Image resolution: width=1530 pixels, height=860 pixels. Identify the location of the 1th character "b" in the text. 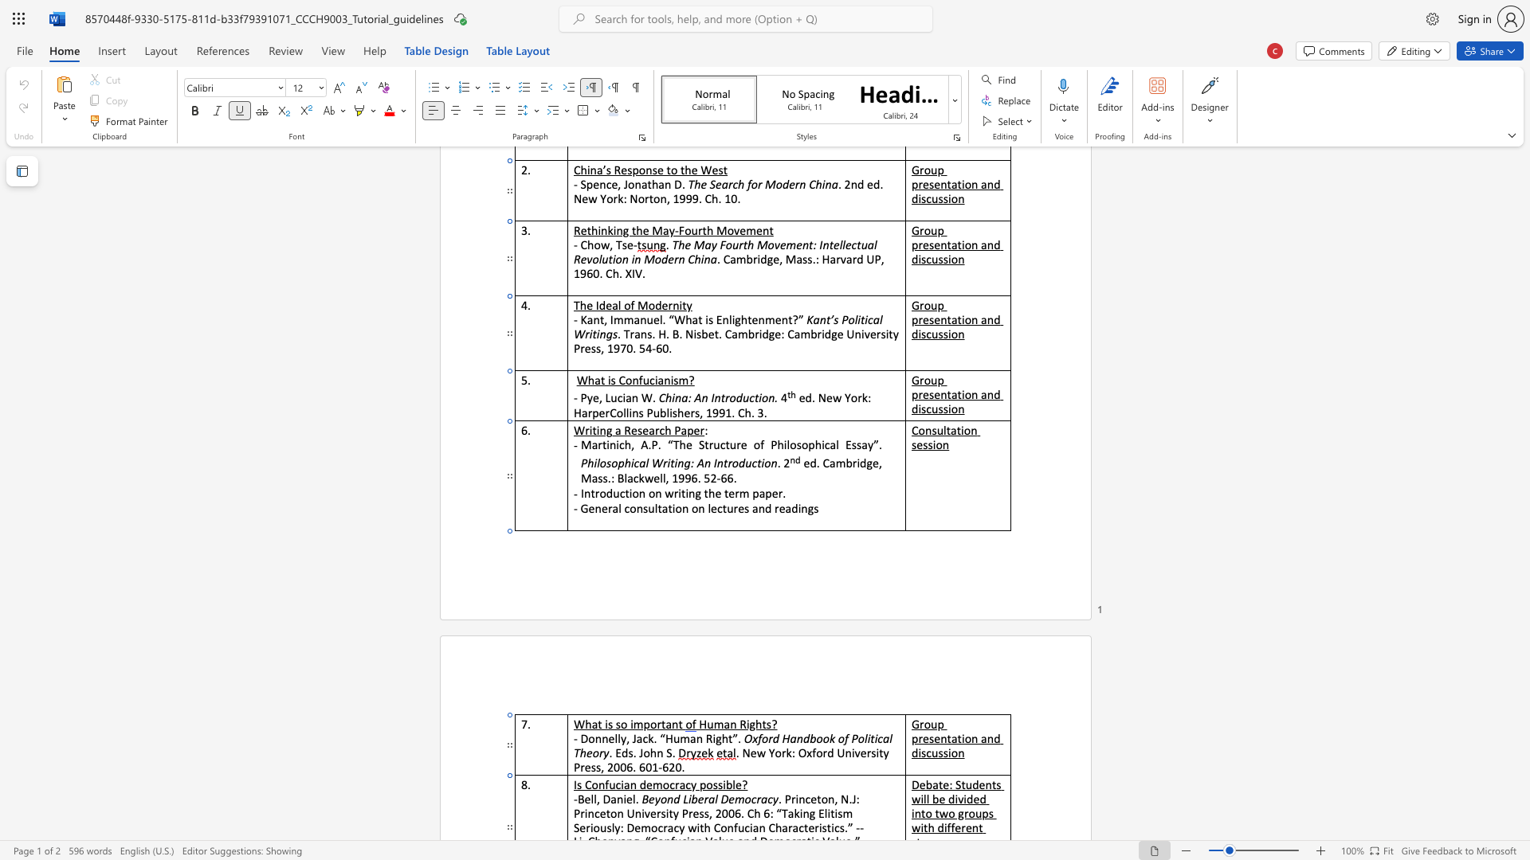
(694, 799).